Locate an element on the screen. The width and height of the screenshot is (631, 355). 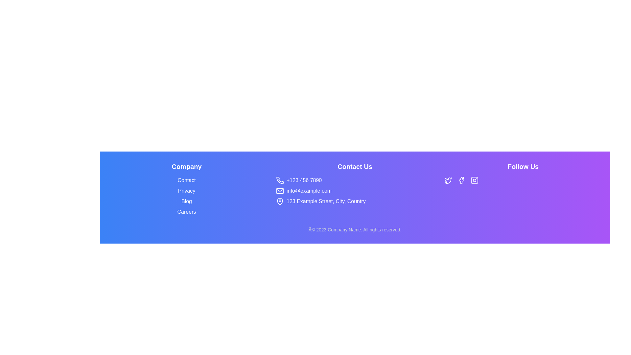
keyboard navigation is located at coordinates (186, 201).